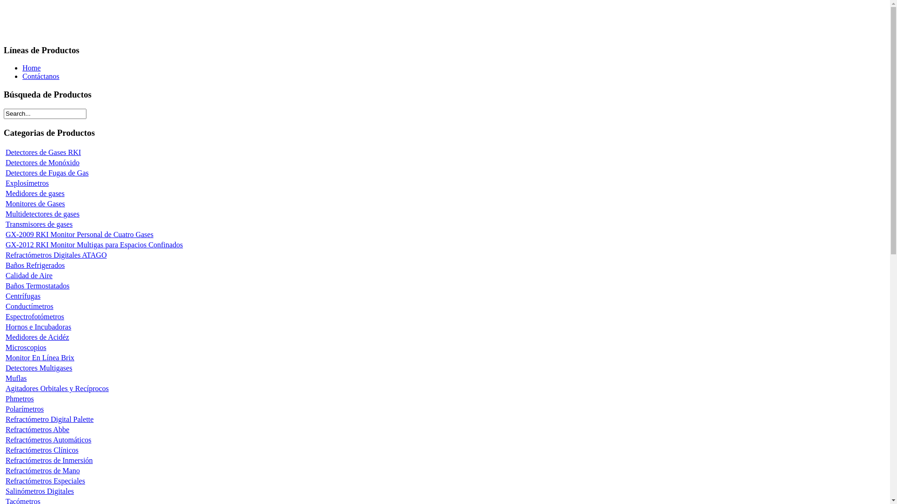 This screenshot has width=897, height=504. What do you see at coordinates (94, 244) in the screenshot?
I see `'GX-2012 RKI Monitor Multigas para Espacios Confinados'` at bounding box center [94, 244].